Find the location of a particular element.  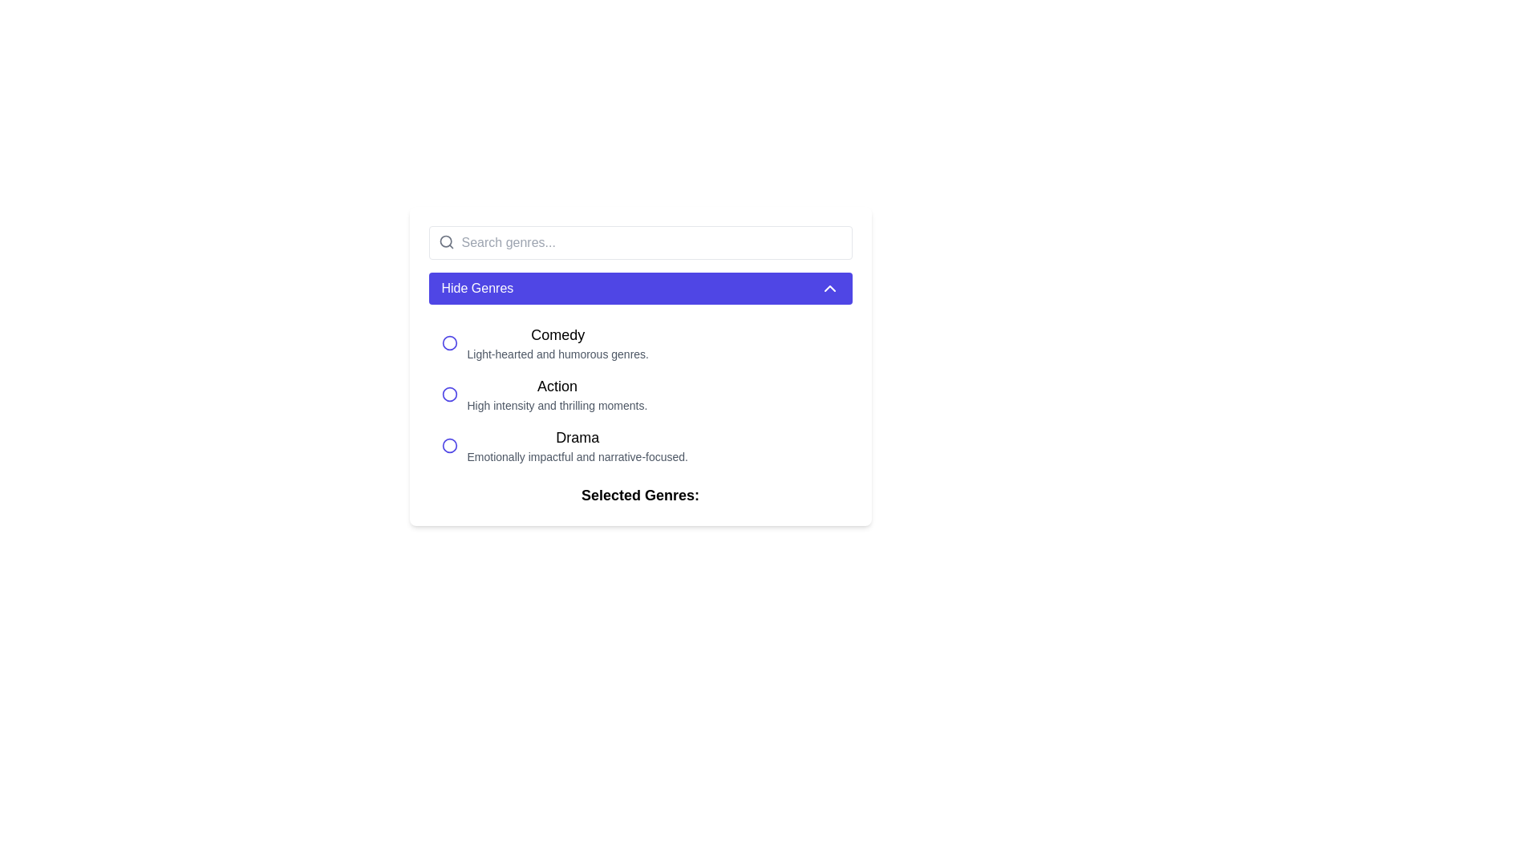

text label displaying 'Comedy' which is styled with a large font size and located at the top of a list item under the 'Hide Genres' header is located at coordinates (557, 334).